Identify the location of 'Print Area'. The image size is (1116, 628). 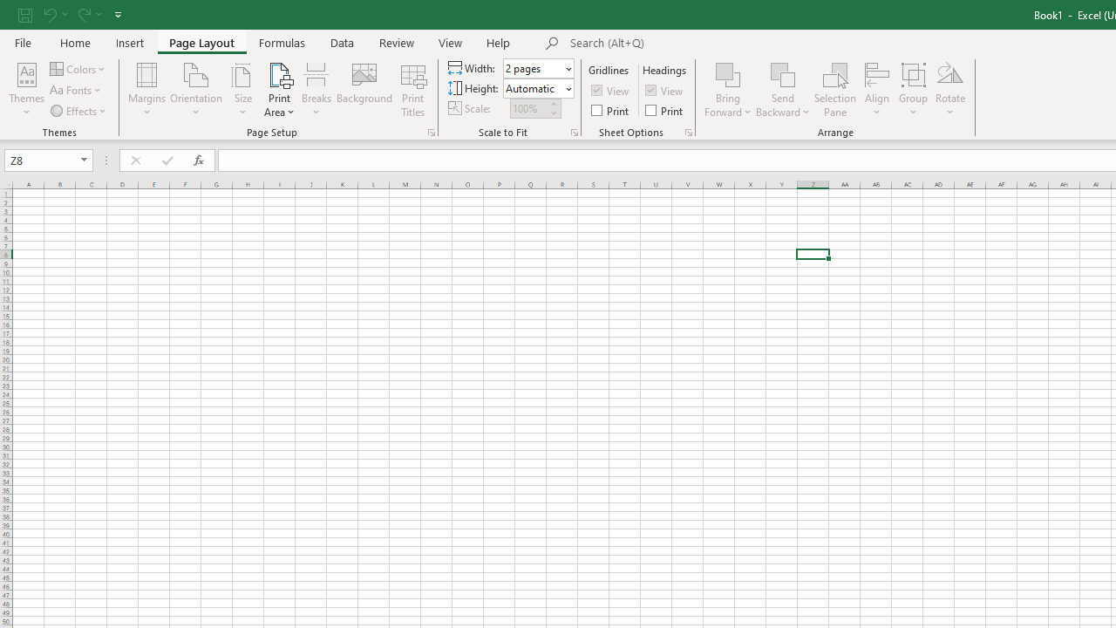
(279, 90).